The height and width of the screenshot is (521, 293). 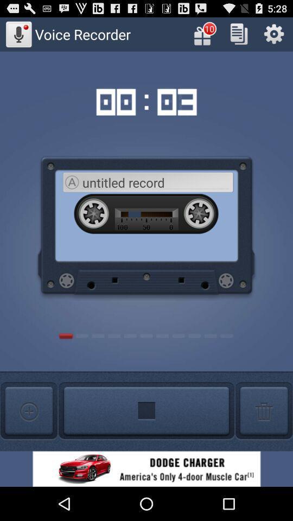 I want to click on delete option, so click(x=263, y=410).